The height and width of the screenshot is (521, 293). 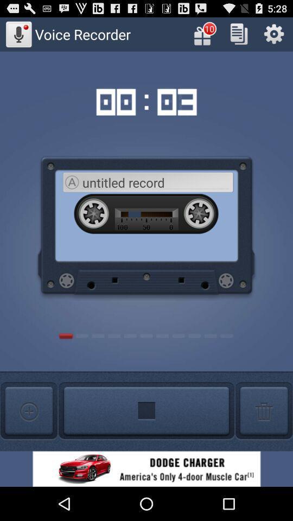 I want to click on delete option, so click(x=263, y=410).